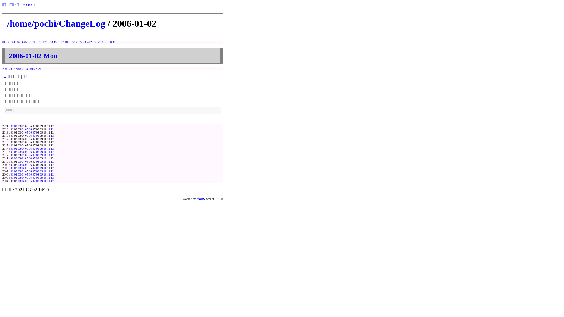 The width and height of the screenshot is (564, 317). I want to click on '03', so click(19, 165).